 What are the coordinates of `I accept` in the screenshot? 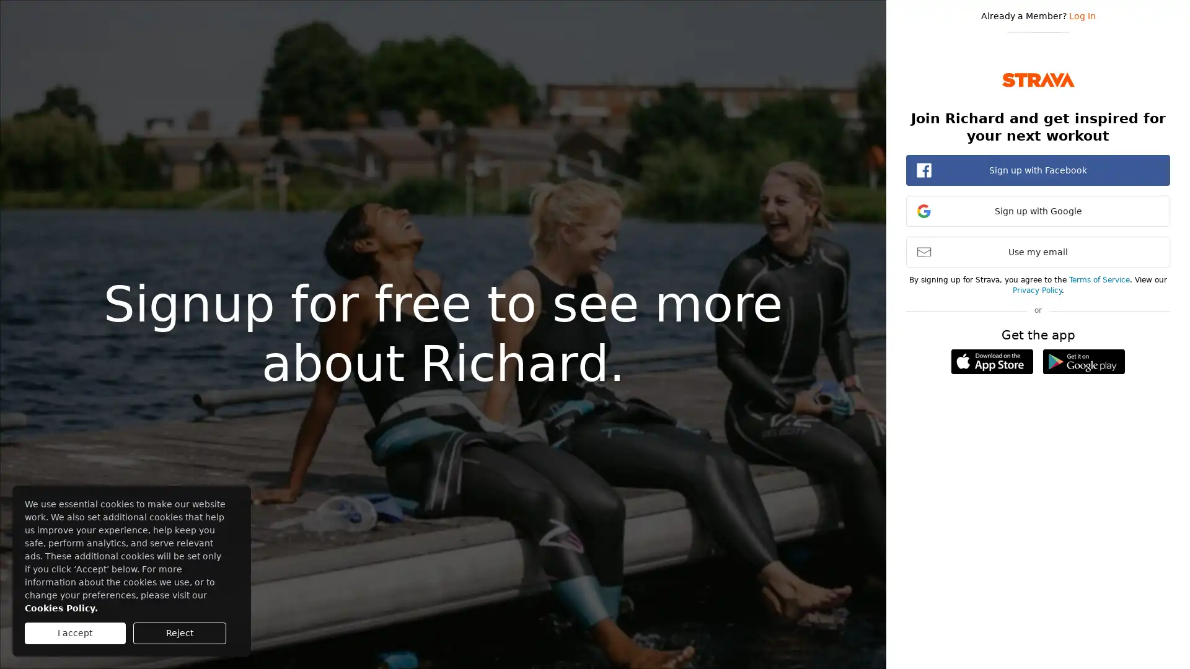 It's located at (74, 633).